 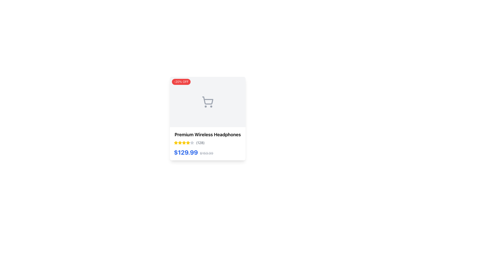 I want to click on the shopping cart icon, which is a minimalistic vector icon with a cart outline and wheels, located at the center of a product showcase card, so click(x=208, y=102).